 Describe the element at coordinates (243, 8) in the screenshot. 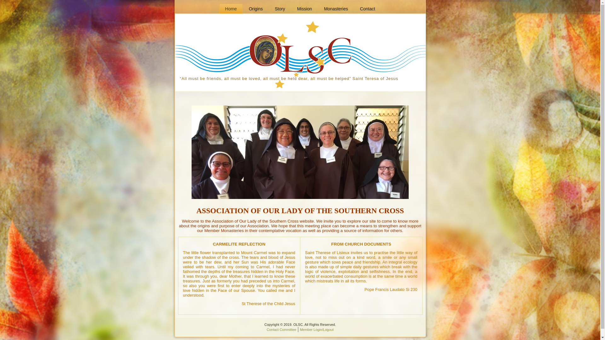

I see `'Origins'` at that location.